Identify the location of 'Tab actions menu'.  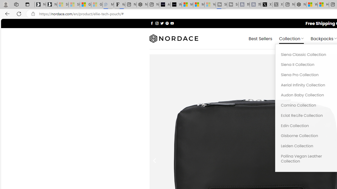
(27, 4).